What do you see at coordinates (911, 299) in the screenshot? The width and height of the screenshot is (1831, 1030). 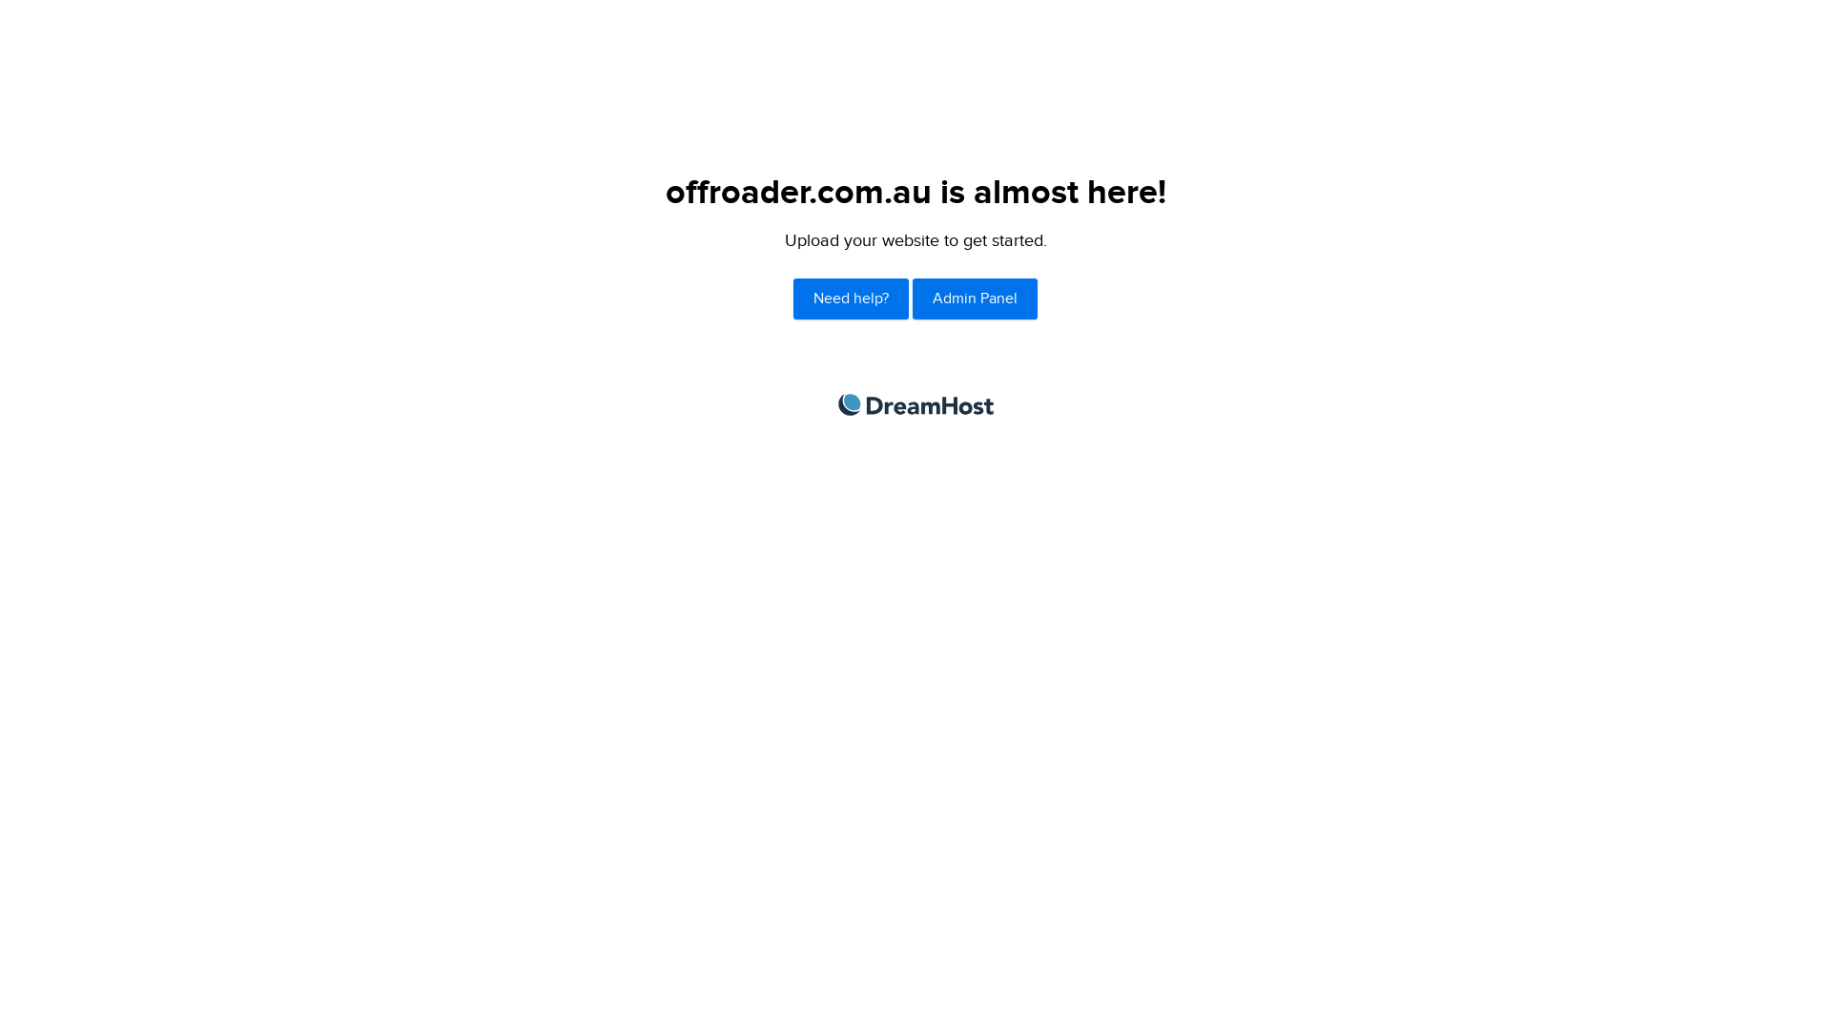 I see `'Admin Panel'` at bounding box center [911, 299].